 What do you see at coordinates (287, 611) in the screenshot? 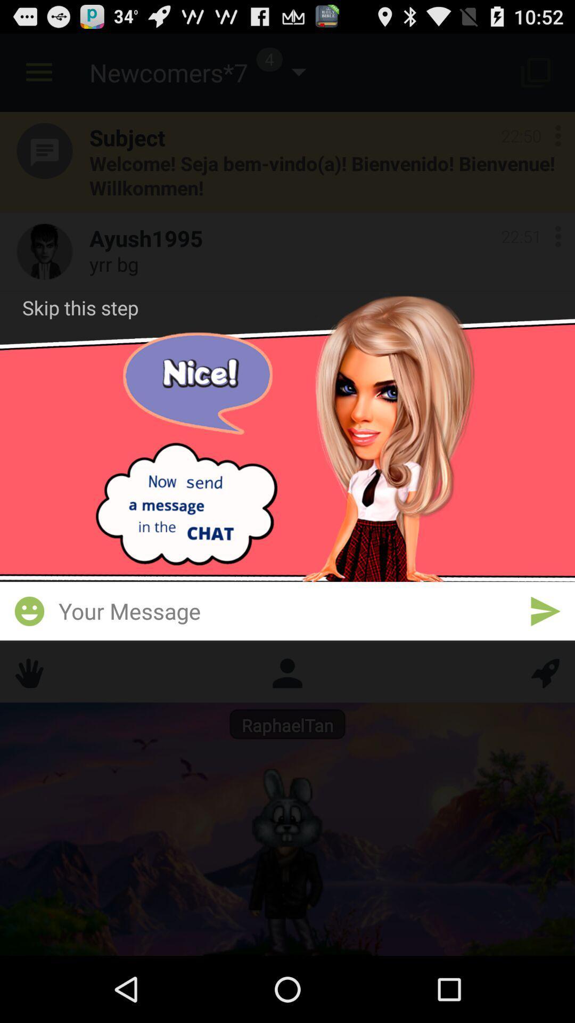
I see `write your message` at bounding box center [287, 611].